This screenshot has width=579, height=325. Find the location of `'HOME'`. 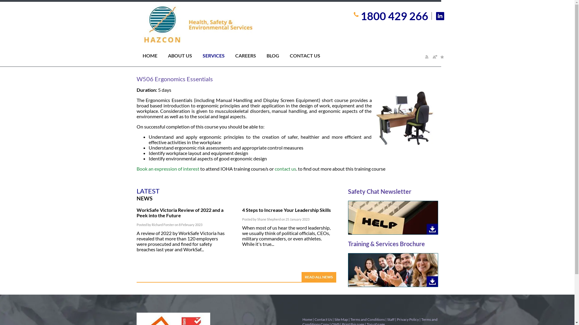

'HOME' is located at coordinates (155, 57).